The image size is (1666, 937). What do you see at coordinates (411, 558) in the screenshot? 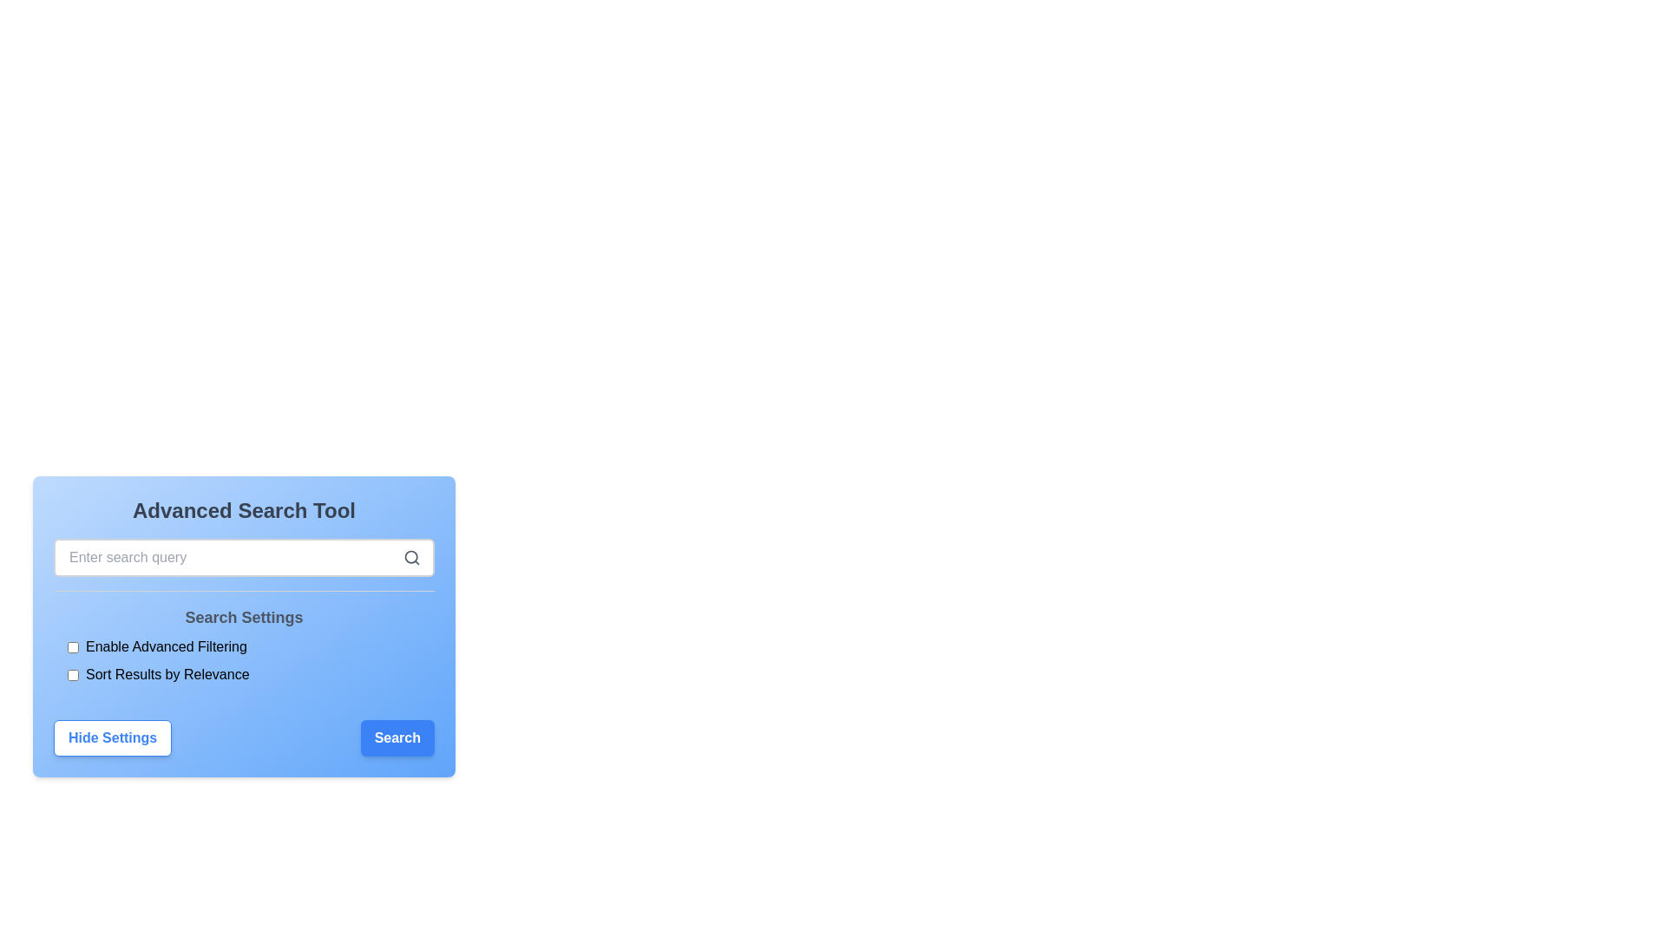
I see `the gray magnifying glass icon located to the right of the text input field` at bounding box center [411, 558].